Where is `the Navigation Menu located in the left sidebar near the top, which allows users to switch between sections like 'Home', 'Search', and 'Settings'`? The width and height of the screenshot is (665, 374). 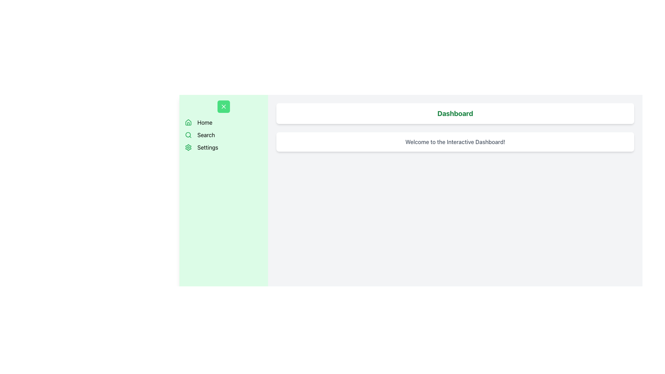
the Navigation Menu located in the left sidebar near the top, which allows users to switch between sections like 'Home', 'Search', and 'Settings' is located at coordinates (224, 126).